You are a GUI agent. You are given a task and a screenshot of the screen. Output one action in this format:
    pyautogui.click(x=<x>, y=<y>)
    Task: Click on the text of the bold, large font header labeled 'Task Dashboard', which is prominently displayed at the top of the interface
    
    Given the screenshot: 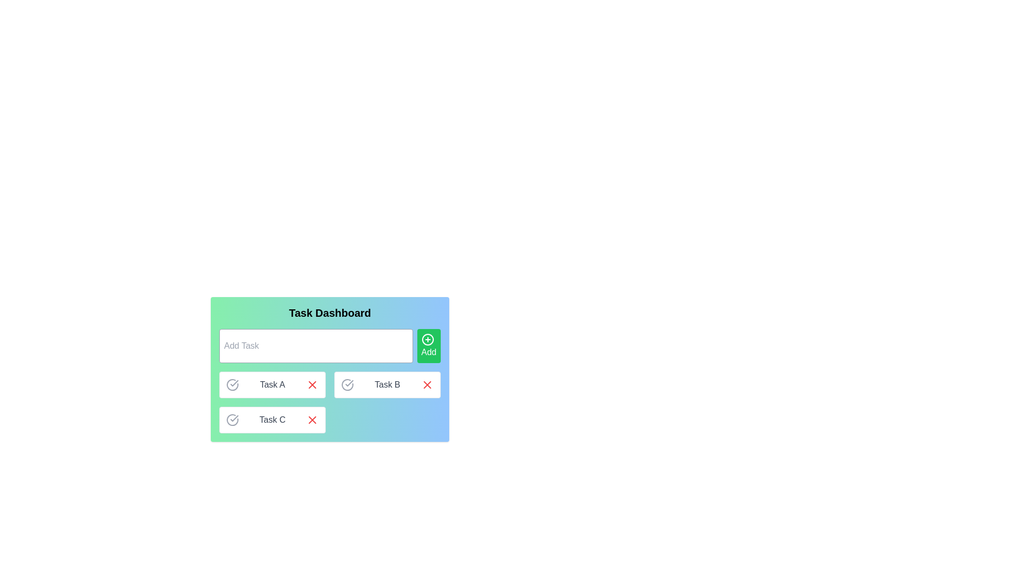 What is the action you would take?
    pyautogui.click(x=329, y=312)
    